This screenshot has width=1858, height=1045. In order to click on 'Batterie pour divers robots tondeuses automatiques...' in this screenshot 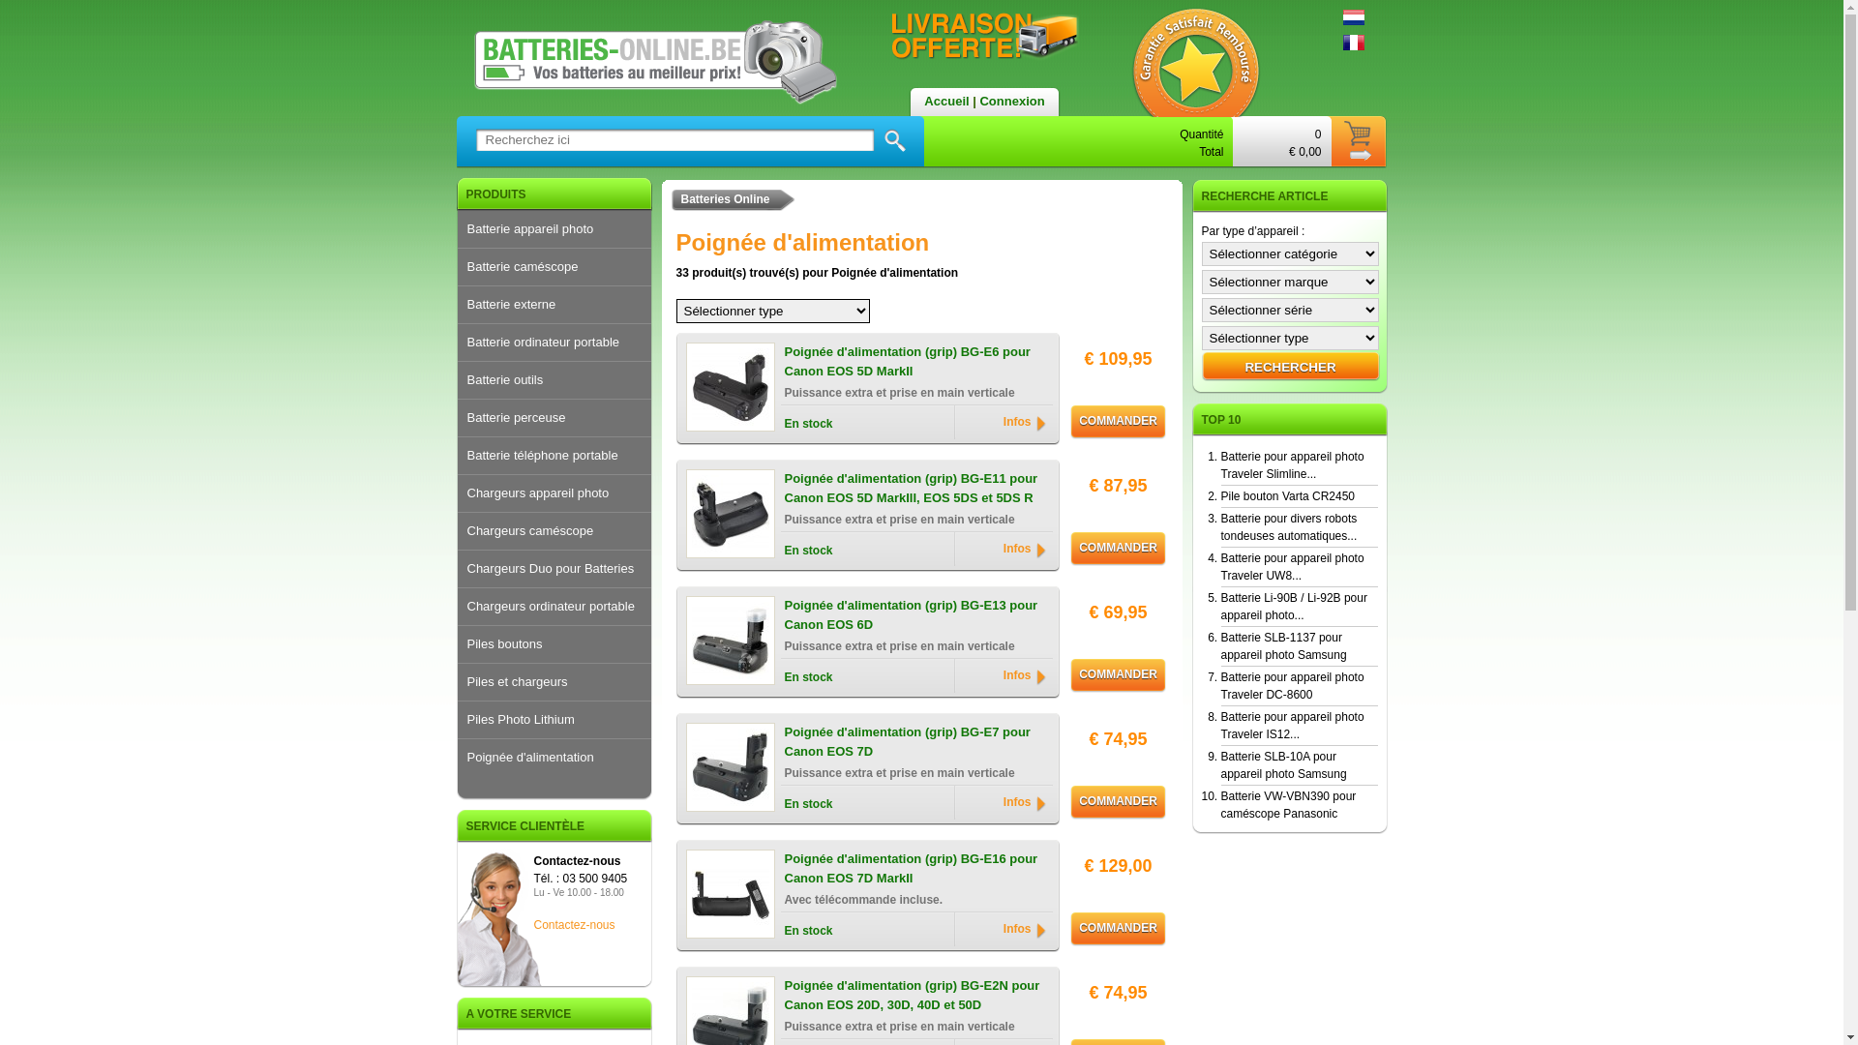, I will do `click(1289, 526)`.